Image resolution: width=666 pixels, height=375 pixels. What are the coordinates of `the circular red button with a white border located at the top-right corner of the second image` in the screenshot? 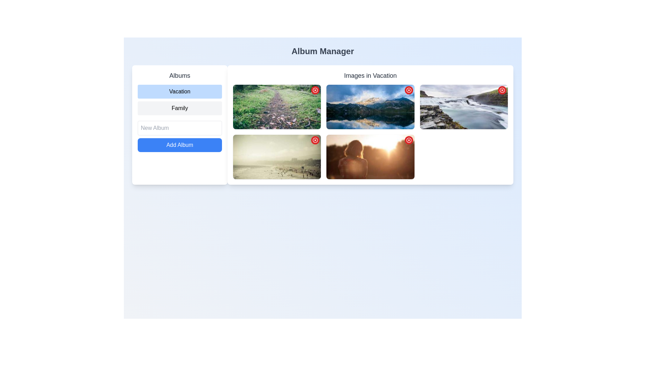 It's located at (502, 89).